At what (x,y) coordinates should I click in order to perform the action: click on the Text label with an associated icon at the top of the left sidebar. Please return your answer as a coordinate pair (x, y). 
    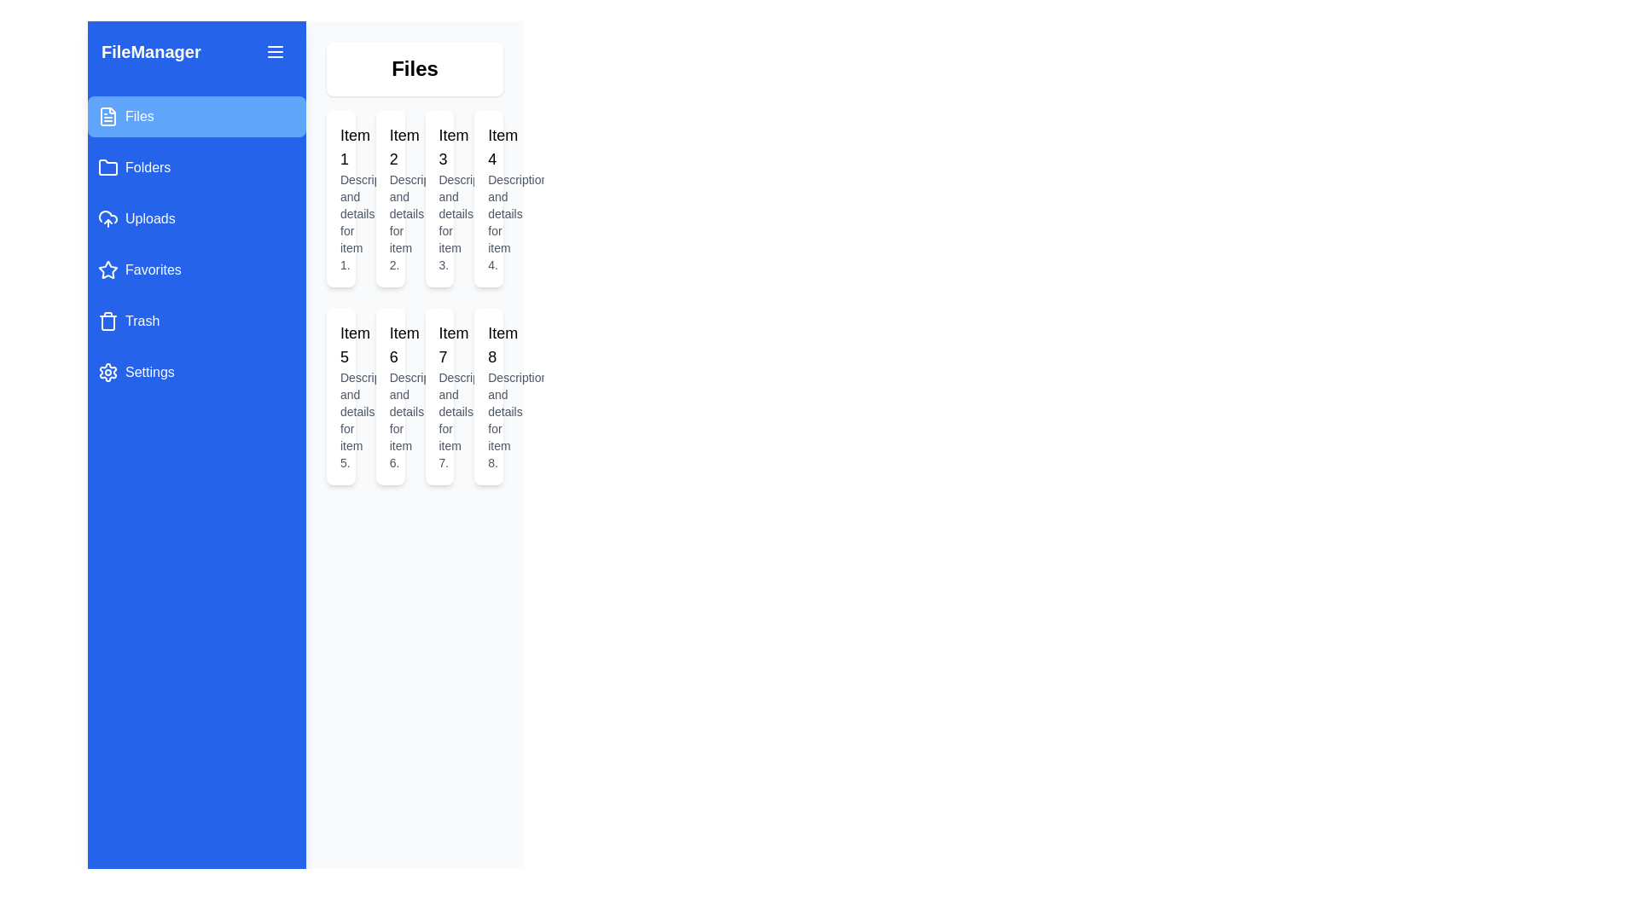
    Looking at the image, I should click on (196, 51).